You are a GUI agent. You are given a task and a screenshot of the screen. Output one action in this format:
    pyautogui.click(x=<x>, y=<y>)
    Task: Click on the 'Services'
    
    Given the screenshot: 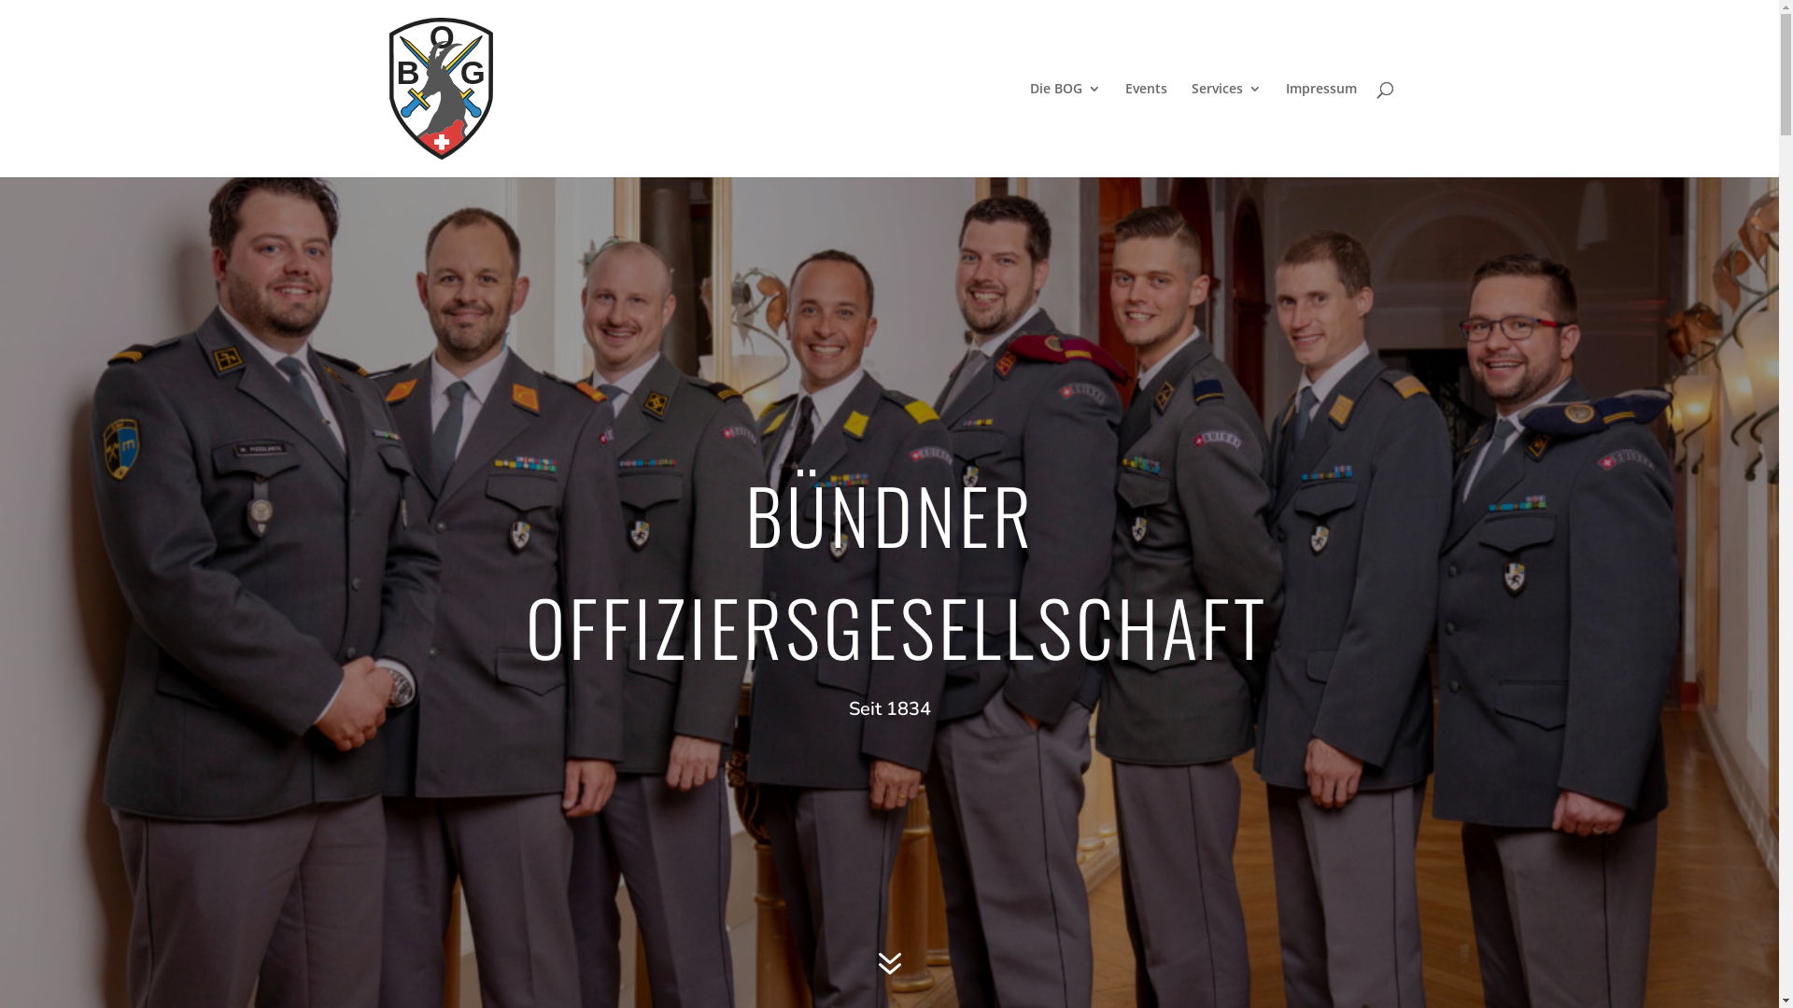 What is the action you would take?
    pyautogui.click(x=1226, y=128)
    